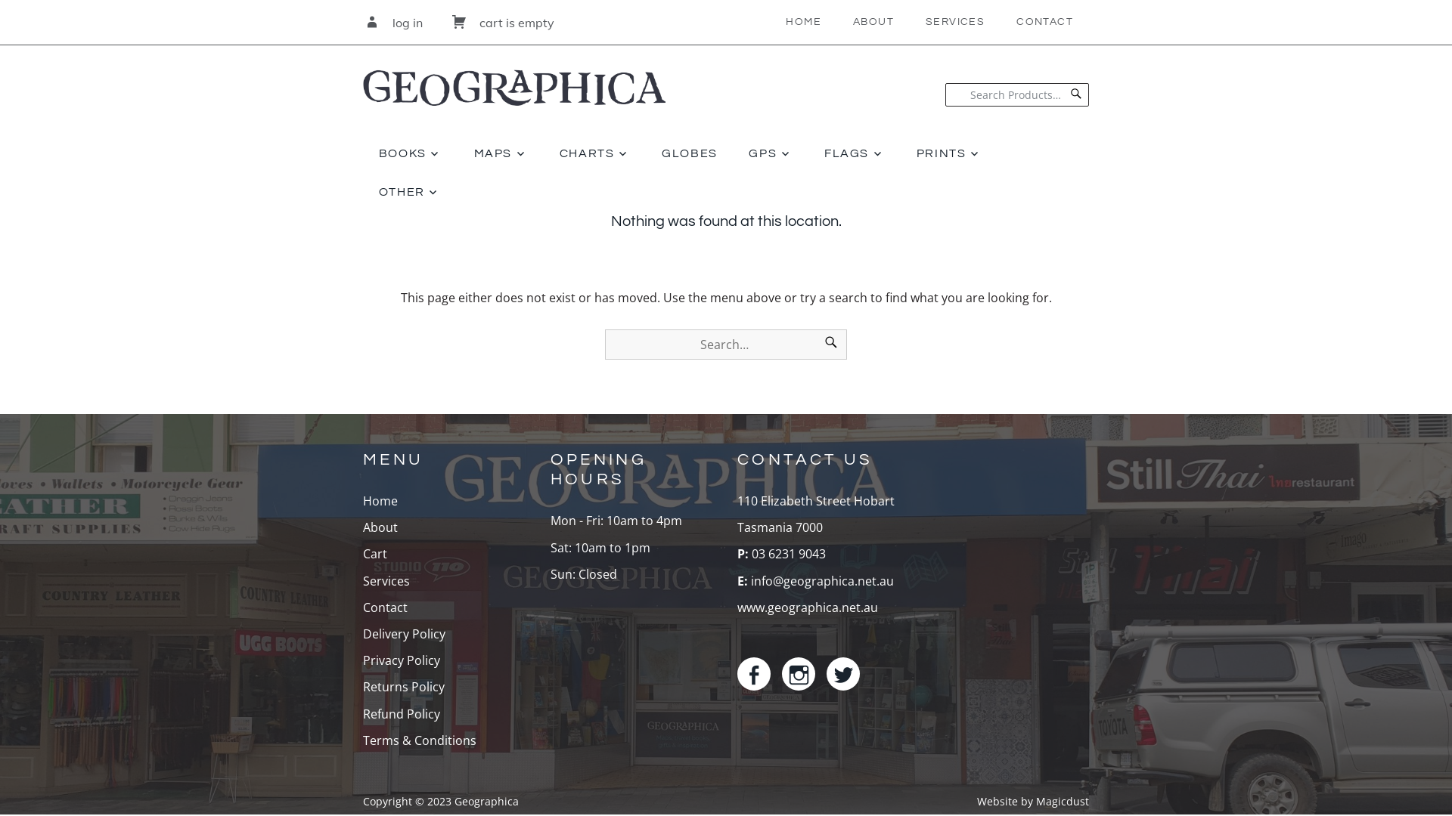 The height and width of the screenshot is (816, 1452). I want to click on 'MAPS', so click(457, 153).